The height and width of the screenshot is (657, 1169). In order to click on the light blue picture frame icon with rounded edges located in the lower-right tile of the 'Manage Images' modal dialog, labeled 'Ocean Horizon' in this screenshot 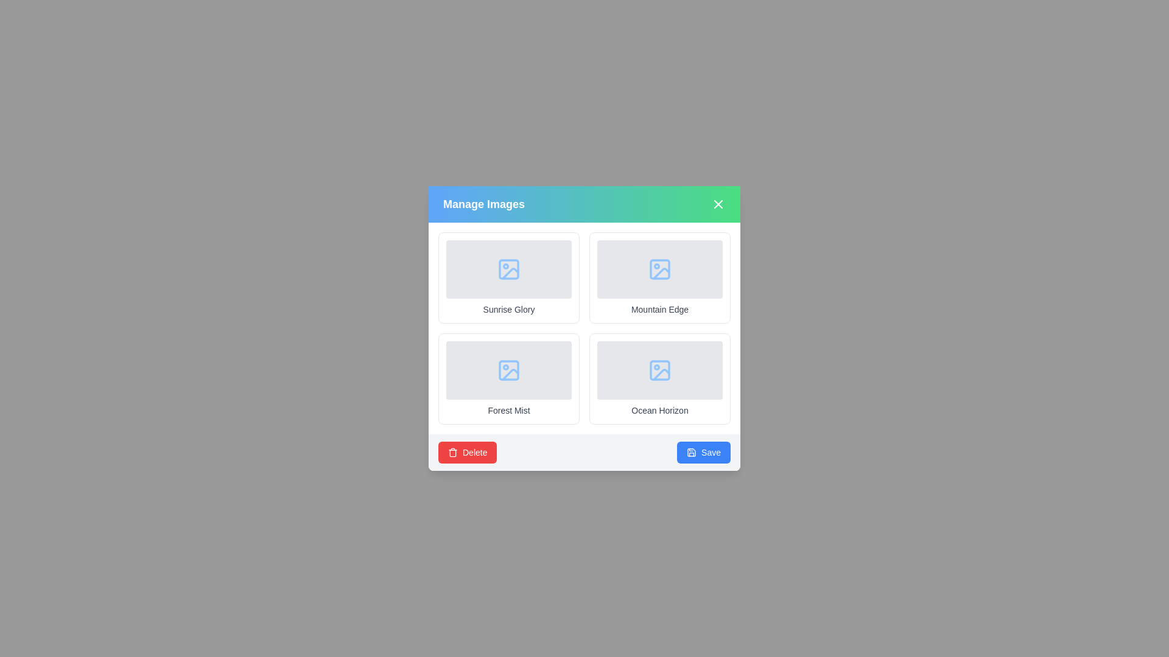, I will do `click(659, 370)`.